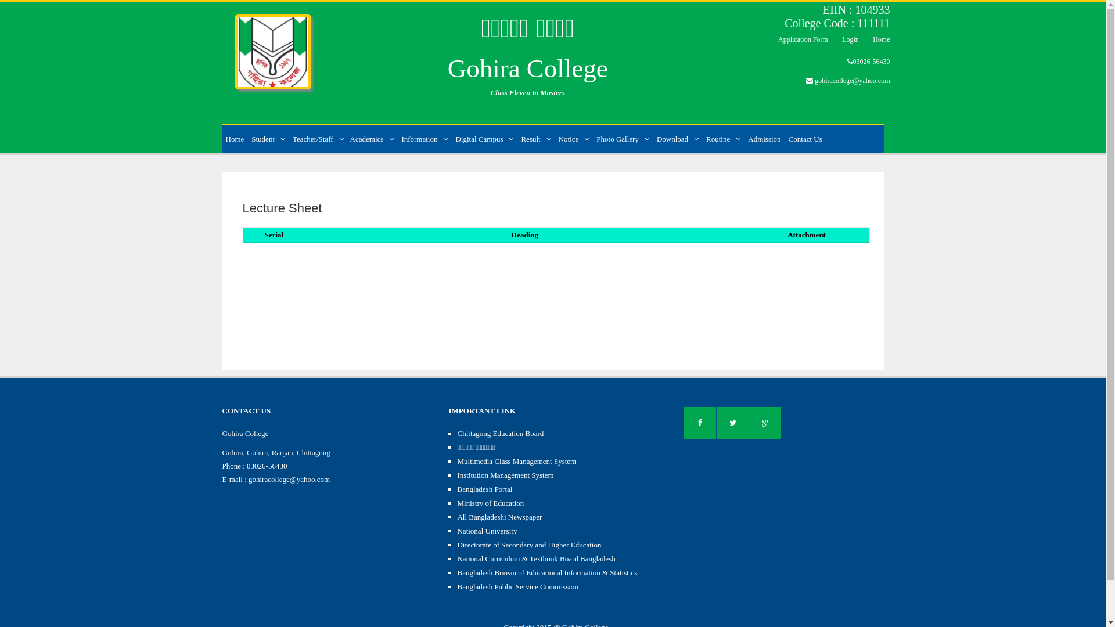 This screenshot has height=627, width=1115. Describe the element at coordinates (528, 545) in the screenshot. I see `'Directorate of Secondary and Higher Education'` at that location.